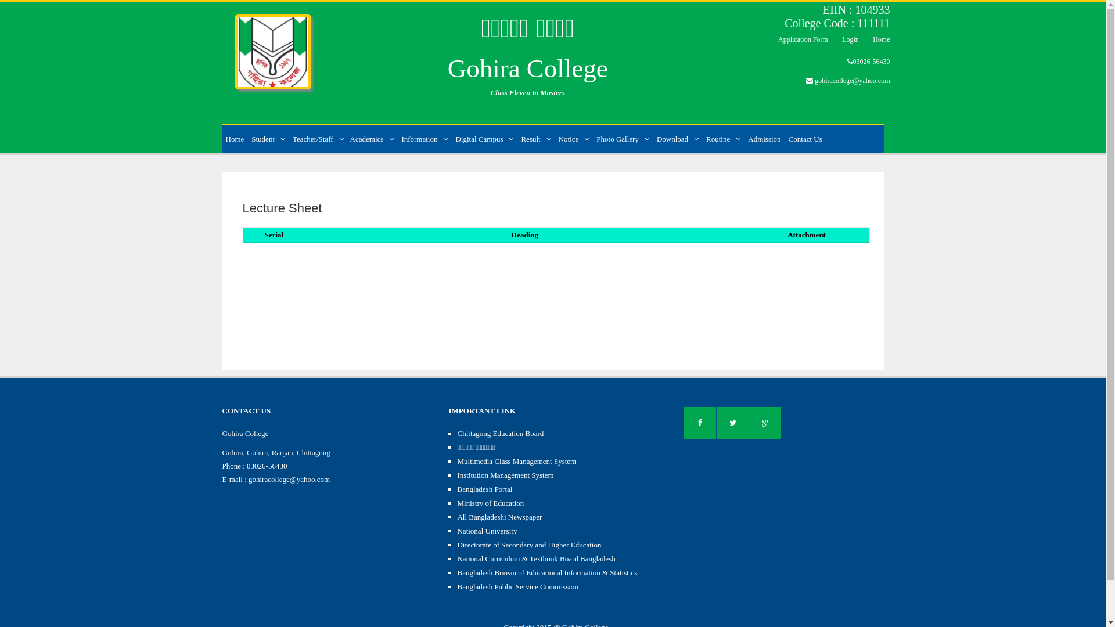 This screenshot has height=627, width=1115. Describe the element at coordinates (528, 545) in the screenshot. I see `'Directorate of Secondary and Higher Education'` at that location.